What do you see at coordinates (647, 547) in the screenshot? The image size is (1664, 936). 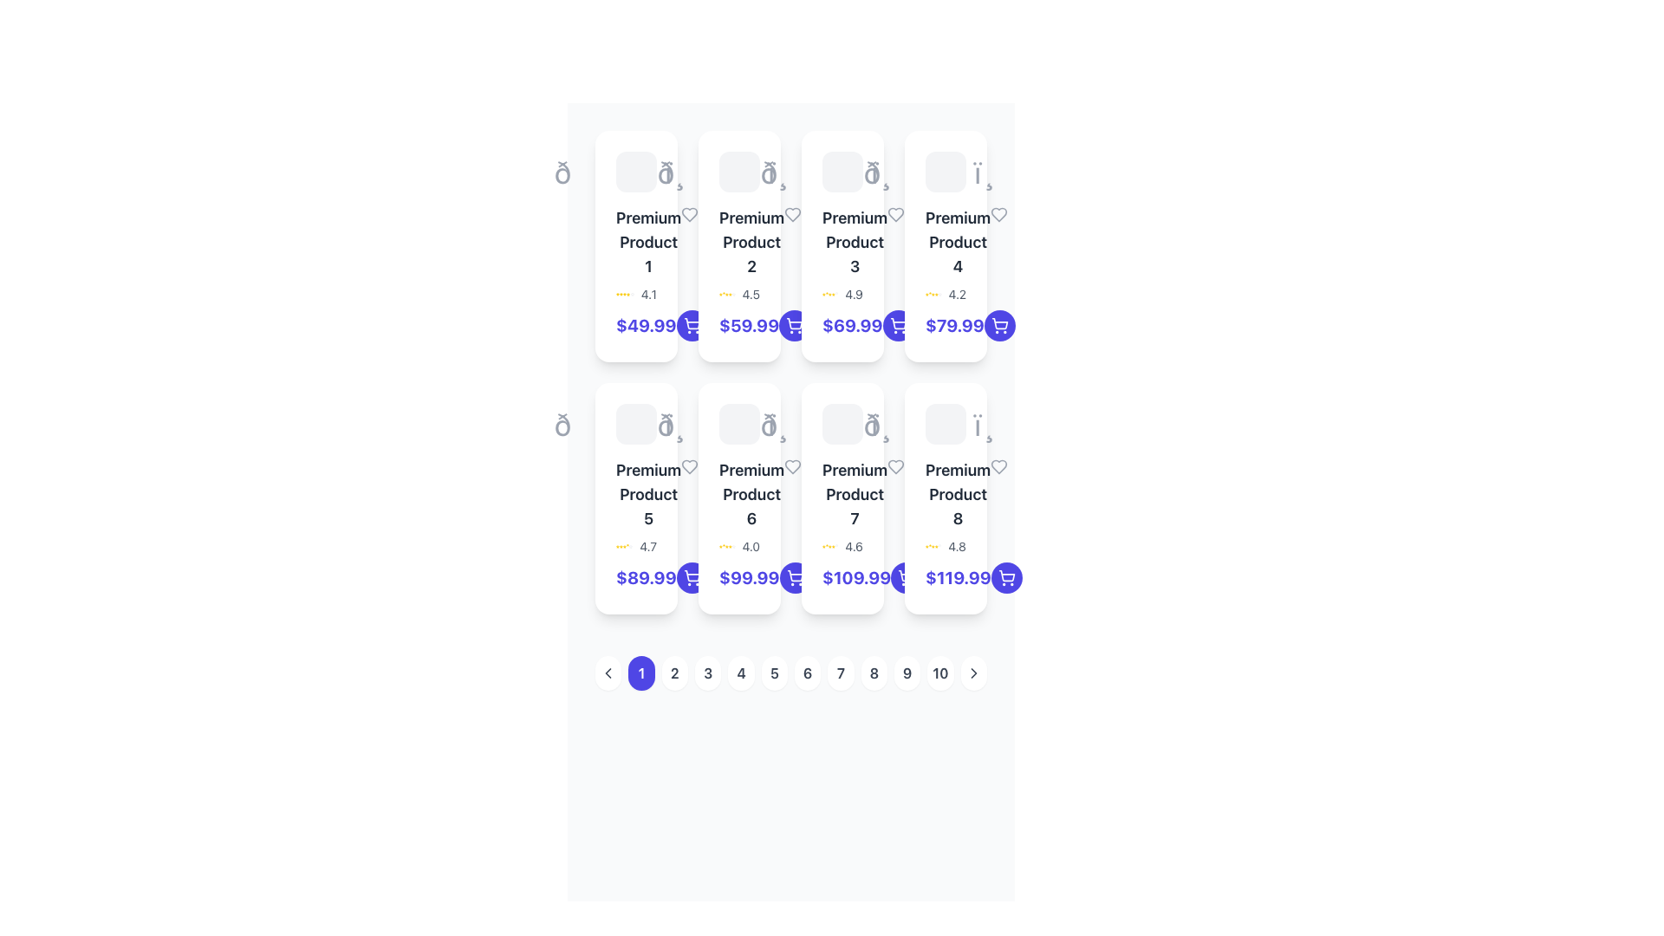 I see `the text label displaying the value '4.7' in a small, gray font, which is positioned to the right of star icons representing a rating` at bounding box center [647, 547].